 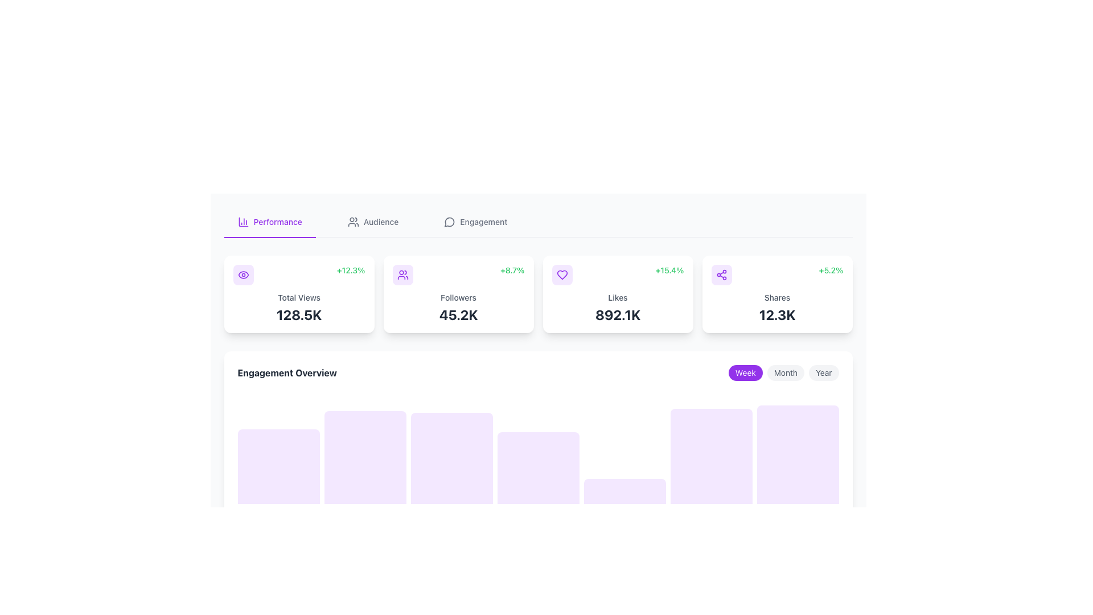 What do you see at coordinates (776, 293) in the screenshot?
I see `displayed information from the fourth card in the grid under the 'Performance' tab which shows statistical data about shares and percentage change` at bounding box center [776, 293].